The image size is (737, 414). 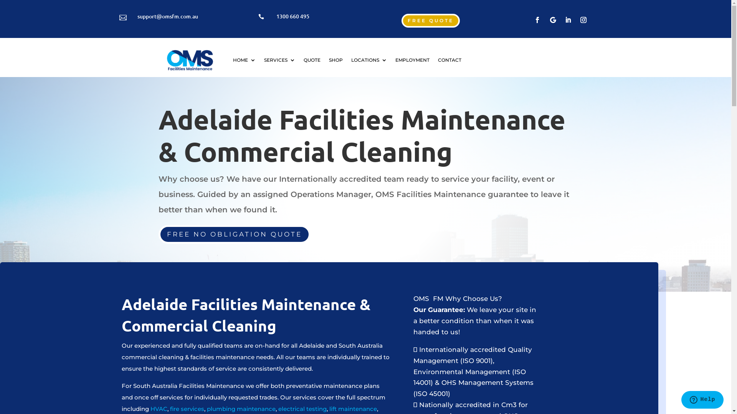 I want to click on 'lift maintenance', so click(x=353, y=408).